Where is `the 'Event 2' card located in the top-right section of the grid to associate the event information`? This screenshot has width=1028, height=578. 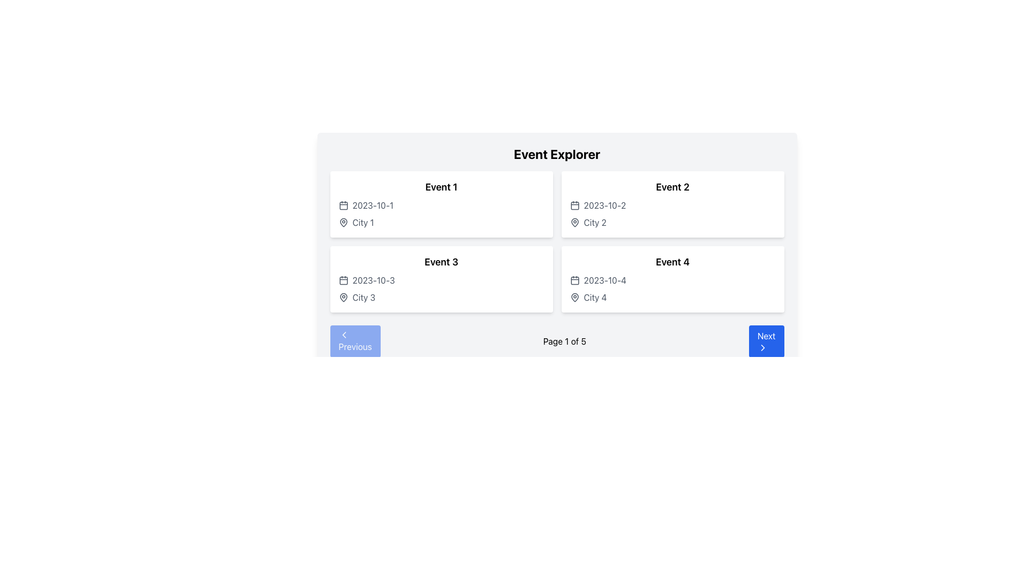
the 'Event 2' card located in the top-right section of the grid to associate the event information is located at coordinates (672, 204).